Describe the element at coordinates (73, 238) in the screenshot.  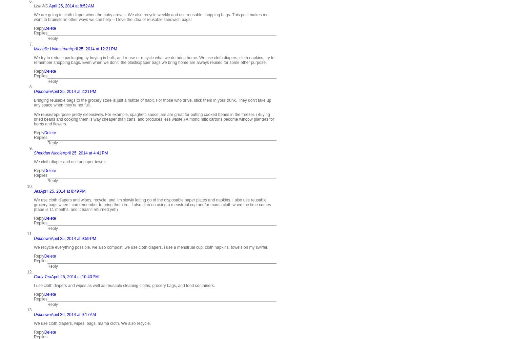
I see `'April 25, 2014 at 9:59 PM'` at that location.